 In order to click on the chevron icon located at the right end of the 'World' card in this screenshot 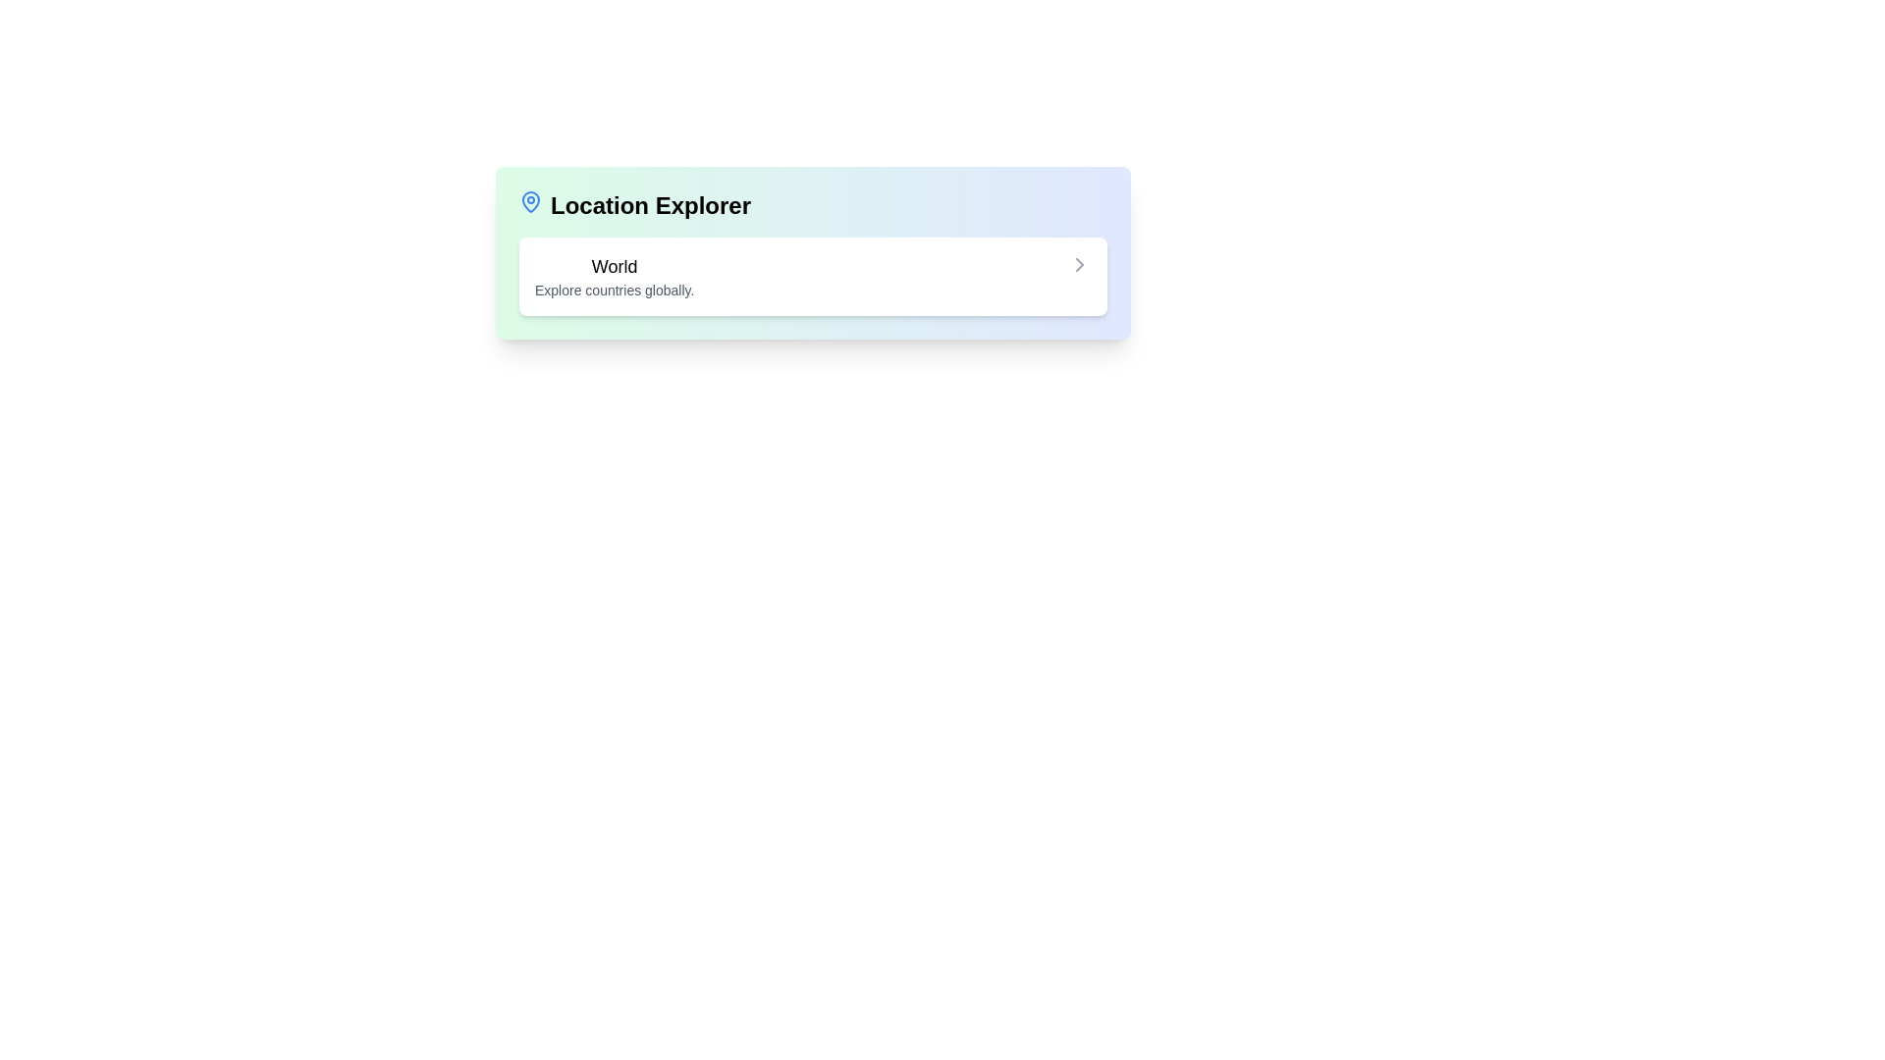, I will do `click(1078, 265)`.